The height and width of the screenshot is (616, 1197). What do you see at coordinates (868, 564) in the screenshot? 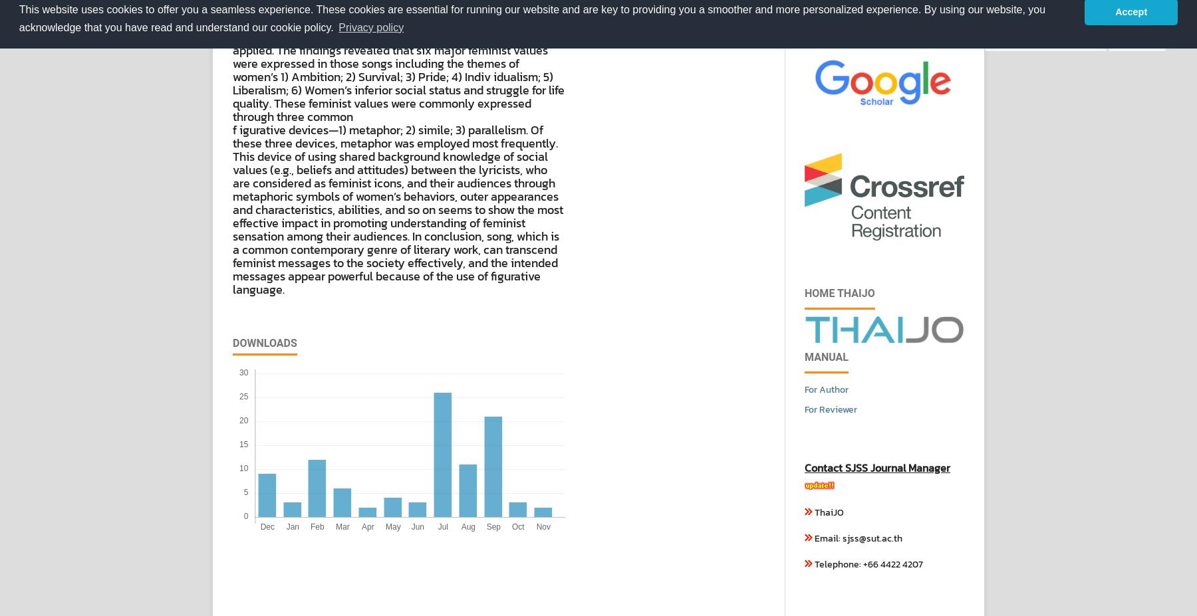
I see `'Telephone: +66 4422 4207'` at bounding box center [868, 564].